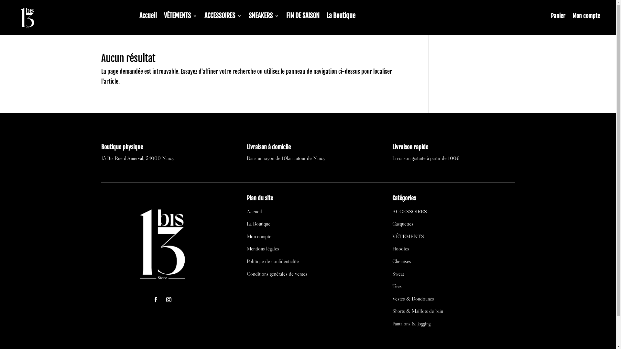 The image size is (621, 349). What do you see at coordinates (392, 323) in the screenshot?
I see `'Pantalons & Jogging'` at bounding box center [392, 323].